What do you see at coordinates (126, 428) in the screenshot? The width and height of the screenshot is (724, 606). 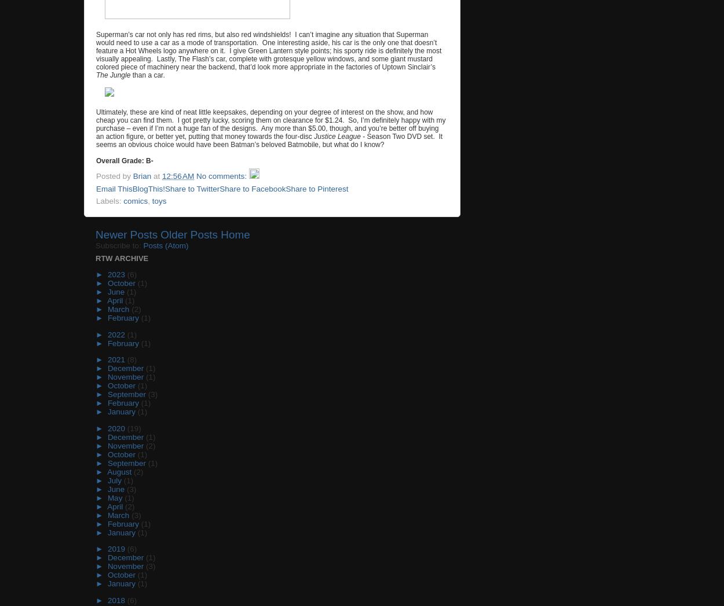 I see `'(19)'` at bounding box center [126, 428].